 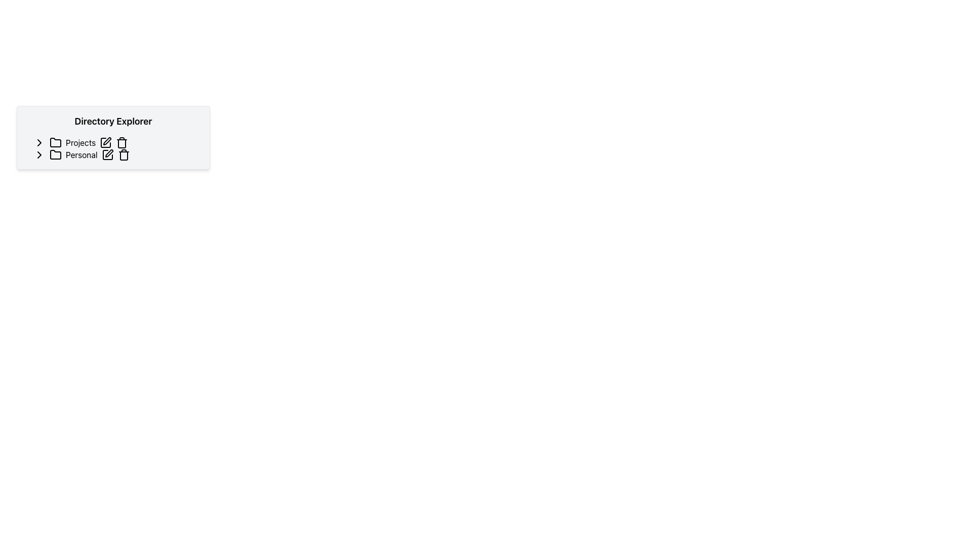 What do you see at coordinates (121, 142) in the screenshot?
I see `the delete button icon located next to the pencil icon, which allows users to remove the 'Projects' folder from the directory interface` at bounding box center [121, 142].